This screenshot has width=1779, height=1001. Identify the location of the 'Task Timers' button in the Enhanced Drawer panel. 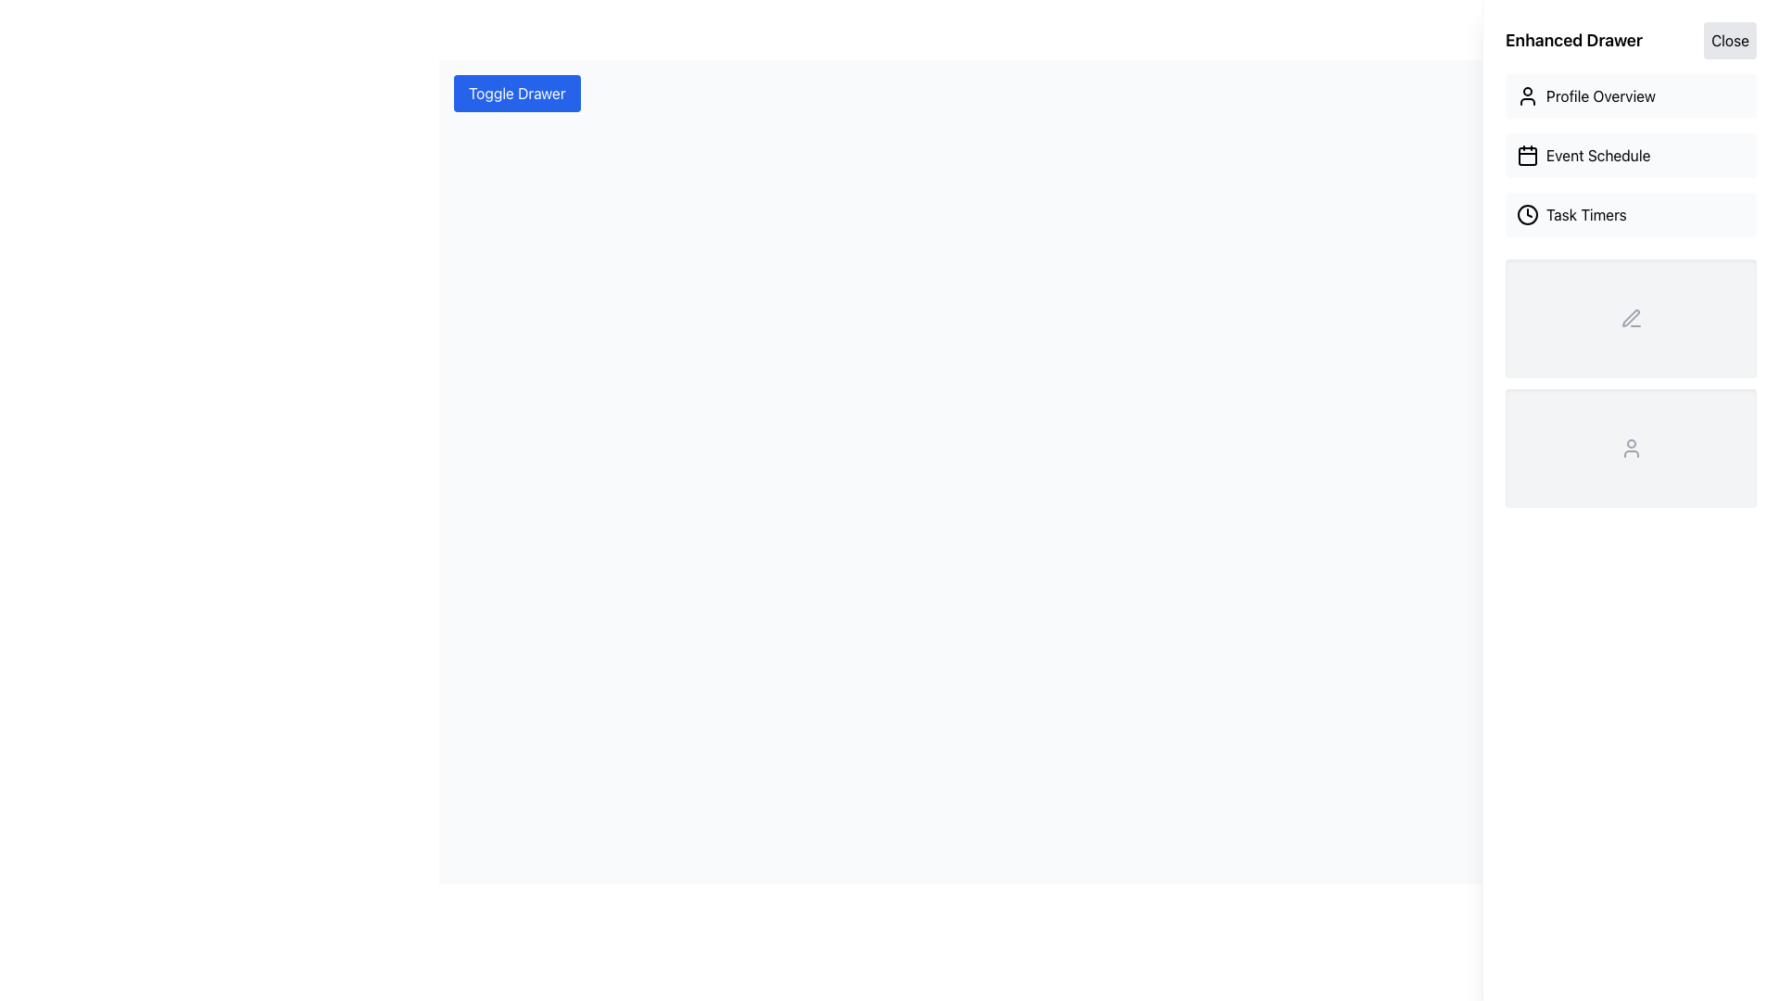
(1631, 213).